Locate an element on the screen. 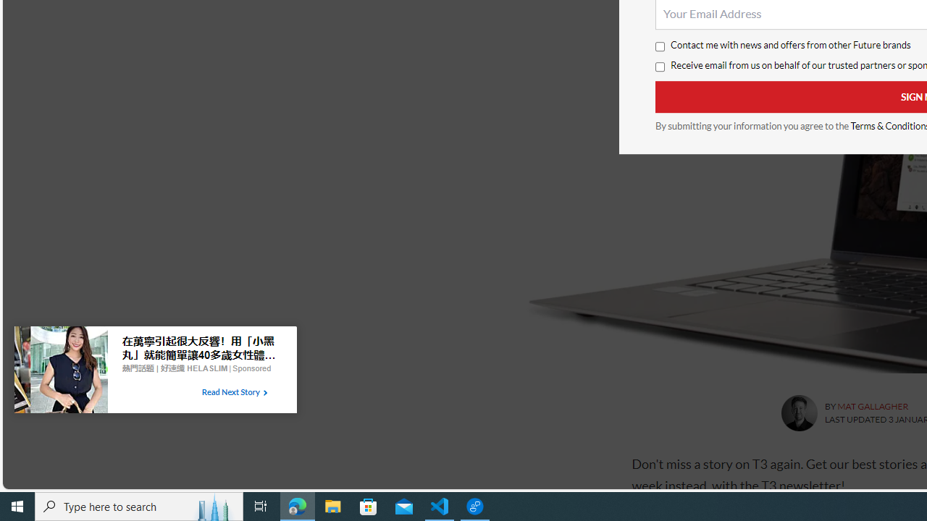 The width and height of the screenshot is (927, 521). 'Class: tbl-arrow-icon arrow-2' is located at coordinates (265, 393).